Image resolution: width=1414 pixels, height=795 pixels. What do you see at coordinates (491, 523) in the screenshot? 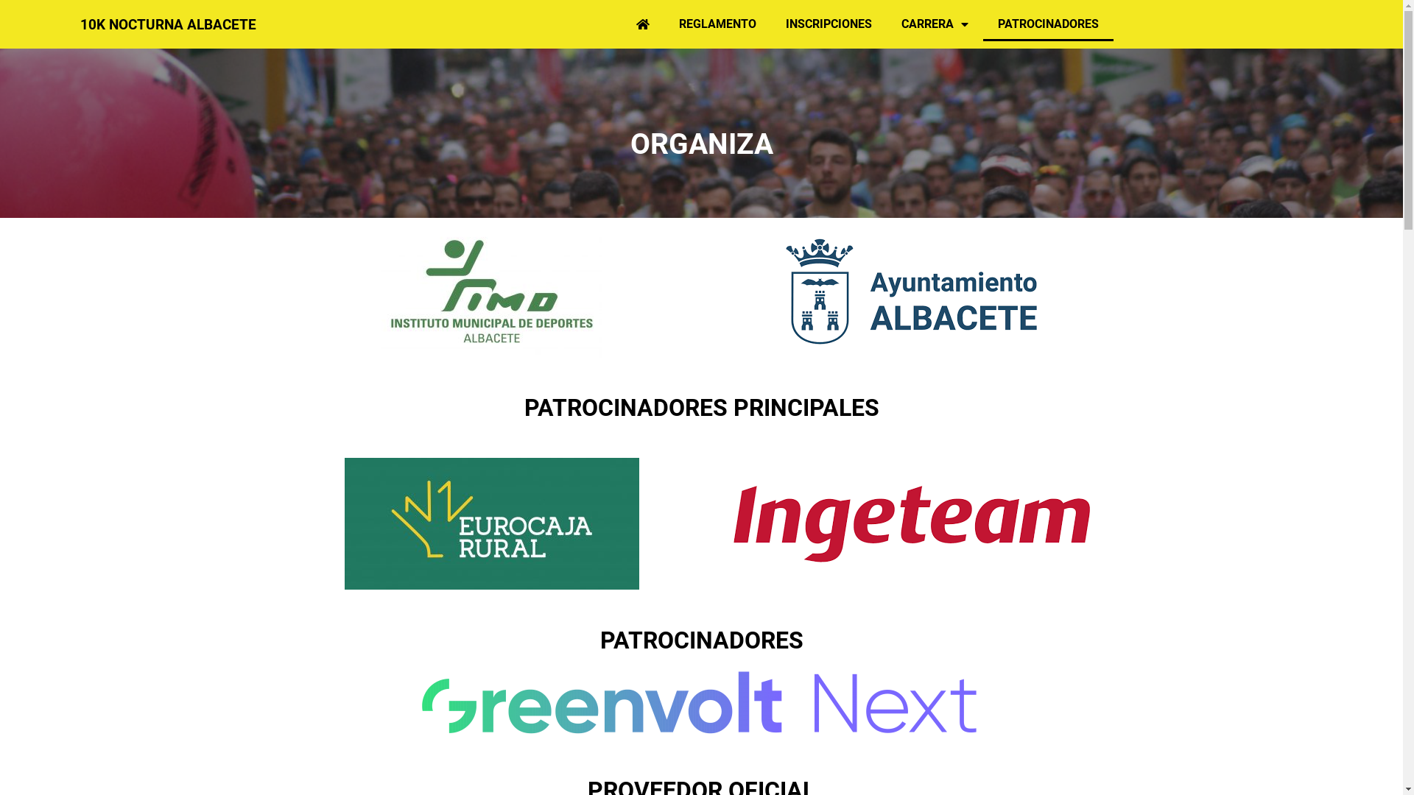
I see `'imagotipo EUROCAJA RURAL cuadrado 335c'` at bounding box center [491, 523].